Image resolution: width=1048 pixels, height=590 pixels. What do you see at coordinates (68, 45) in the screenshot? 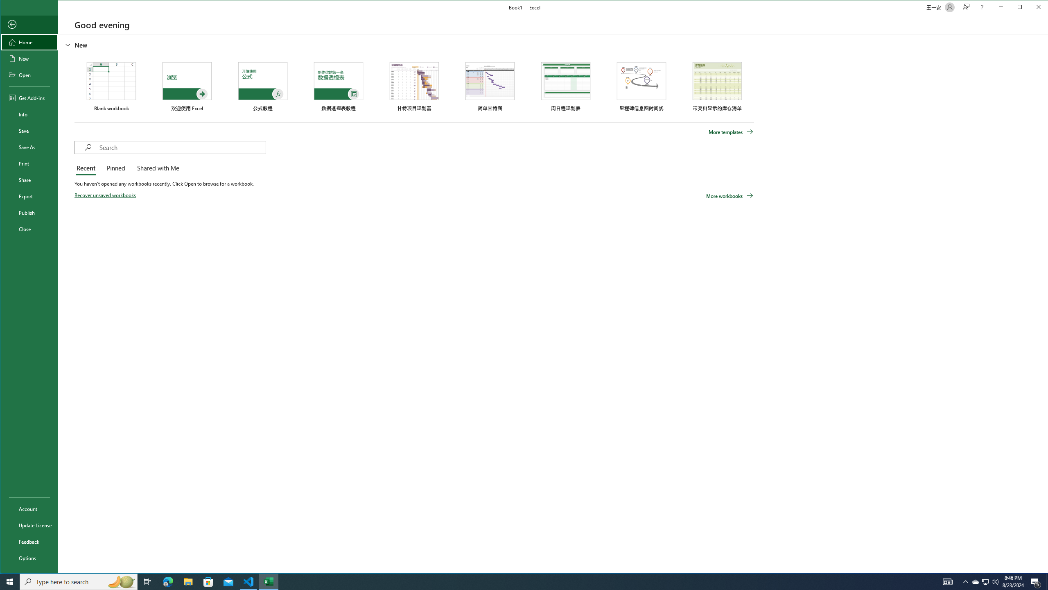
I see `'Hide or show region'` at bounding box center [68, 45].